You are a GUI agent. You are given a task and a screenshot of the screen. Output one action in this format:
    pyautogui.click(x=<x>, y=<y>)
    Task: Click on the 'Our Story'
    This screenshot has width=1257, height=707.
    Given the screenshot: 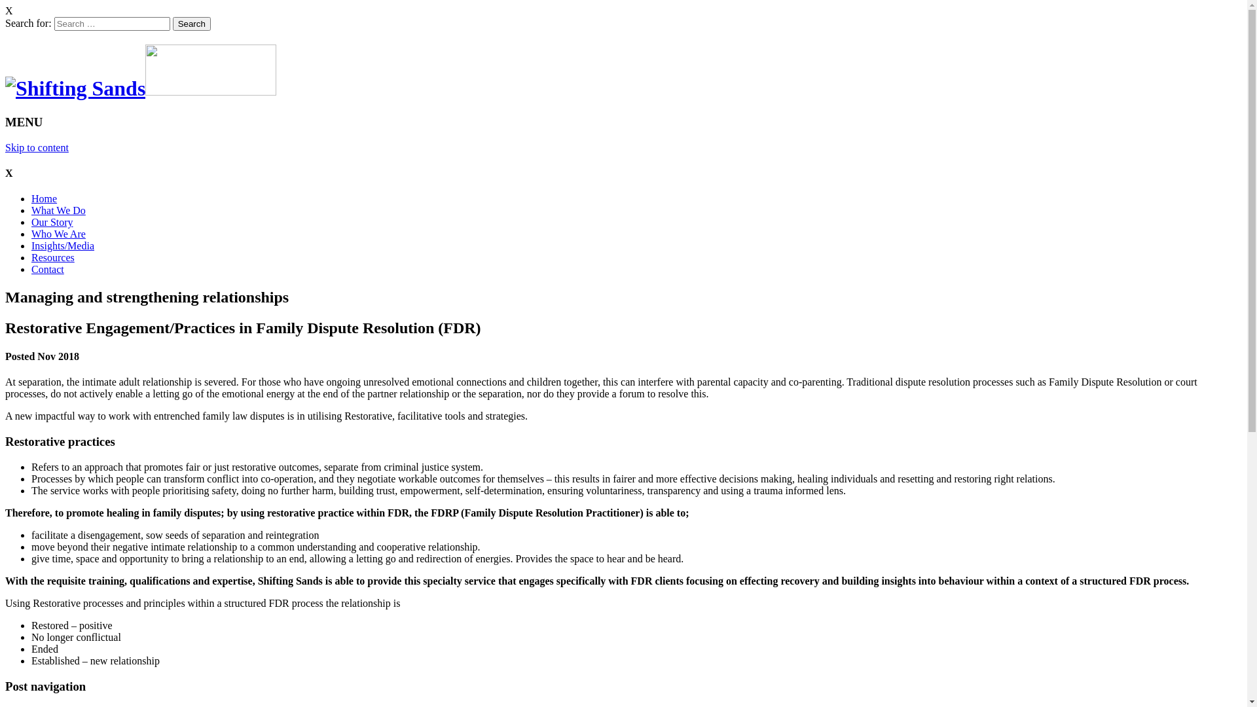 What is the action you would take?
    pyautogui.click(x=52, y=221)
    